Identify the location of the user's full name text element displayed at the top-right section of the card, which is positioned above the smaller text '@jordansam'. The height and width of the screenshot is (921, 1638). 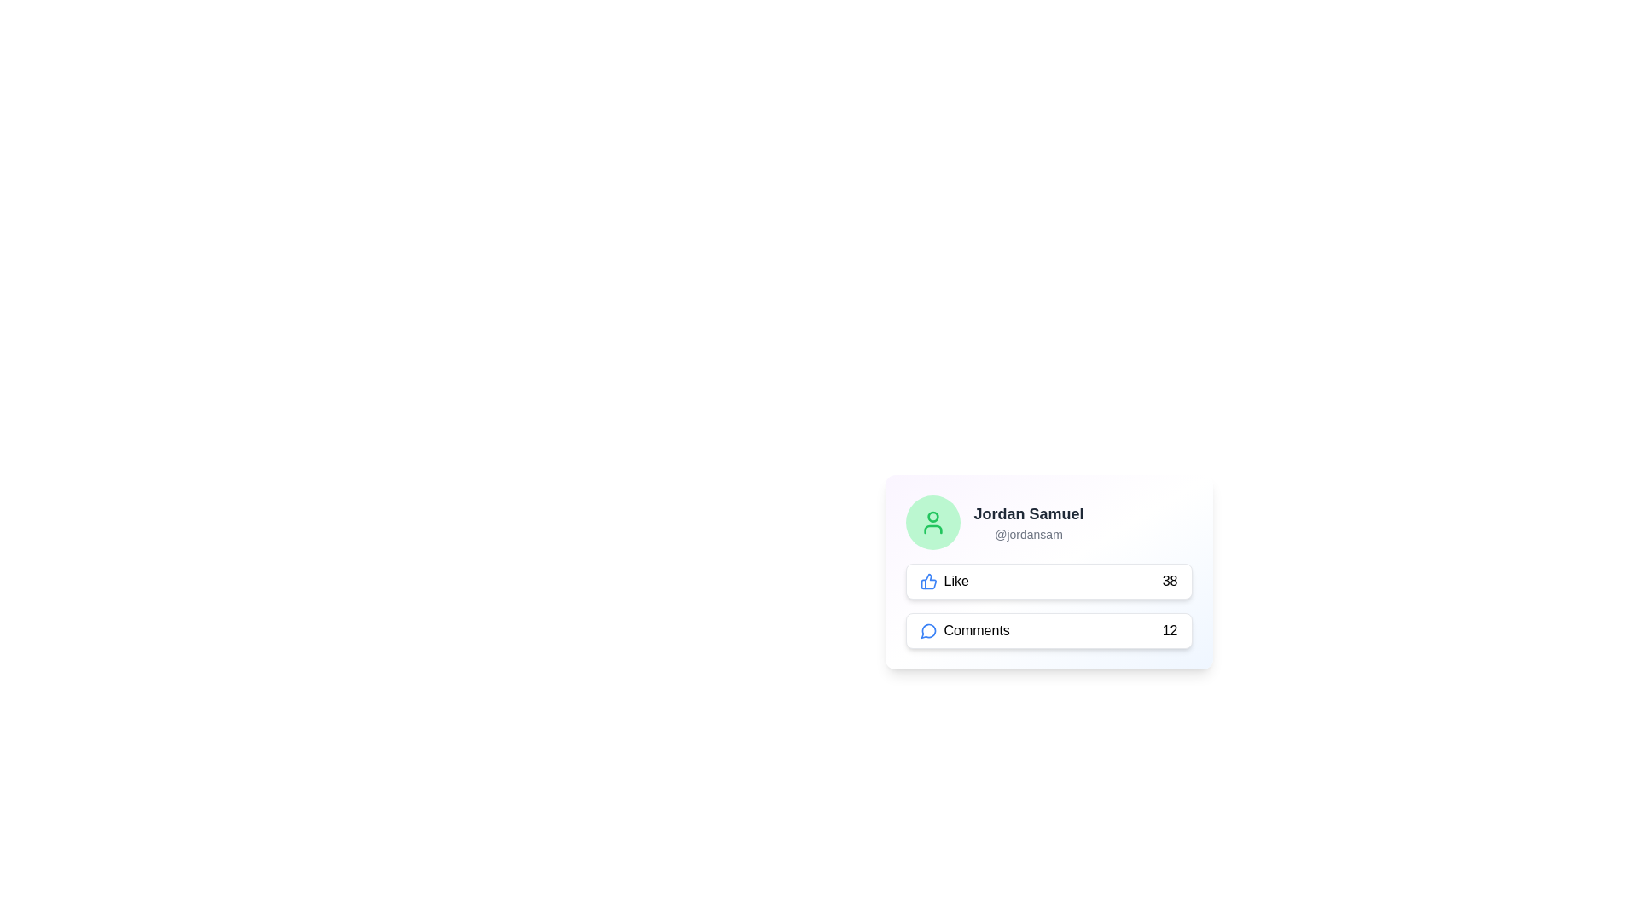
(1027, 513).